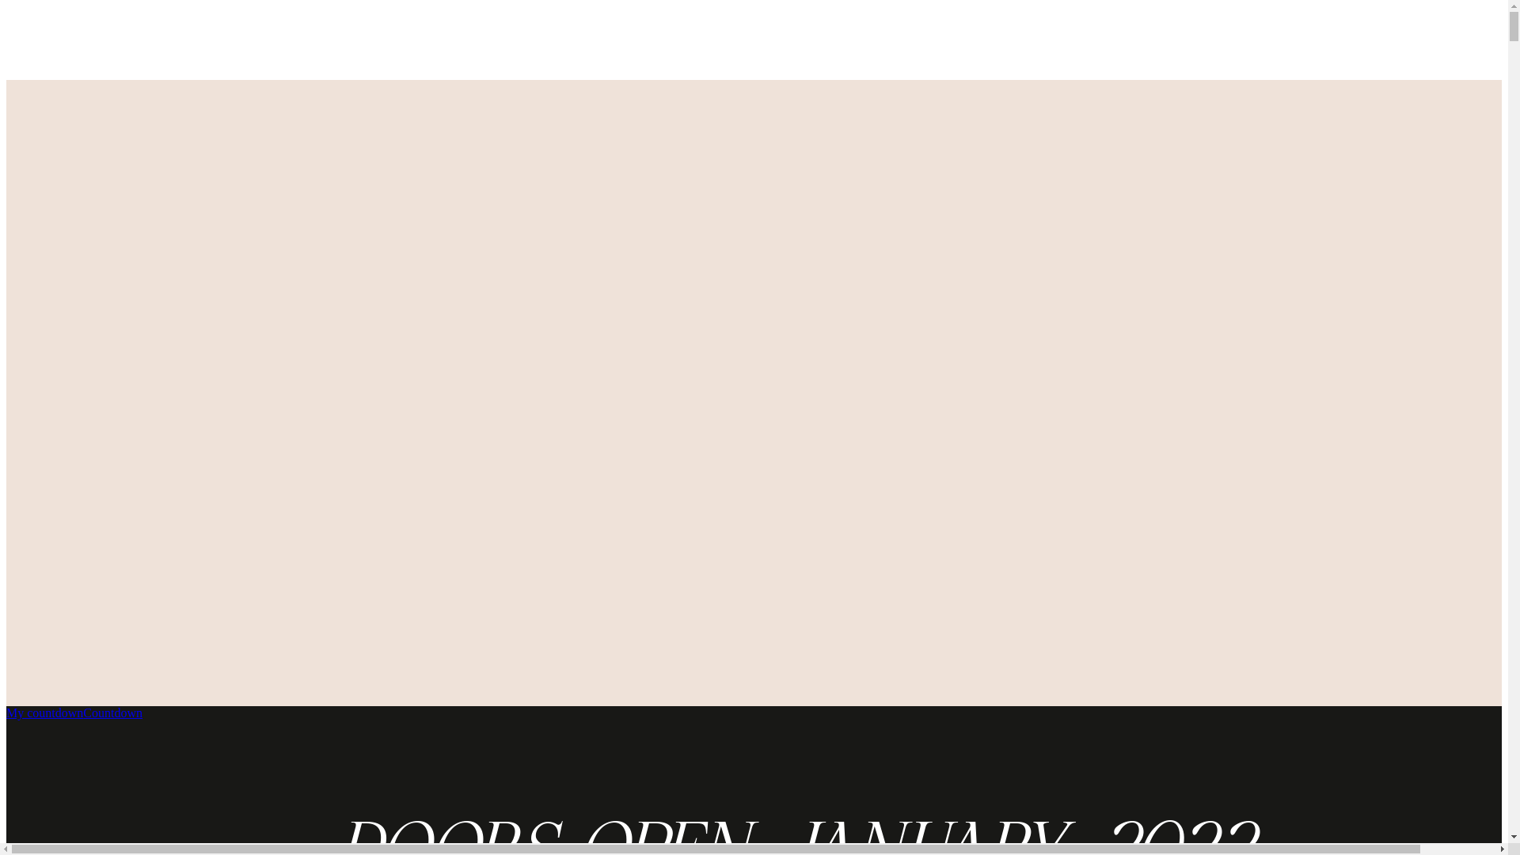 The width and height of the screenshot is (1520, 855). I want to click on 'Countdown', so click(112, 712).